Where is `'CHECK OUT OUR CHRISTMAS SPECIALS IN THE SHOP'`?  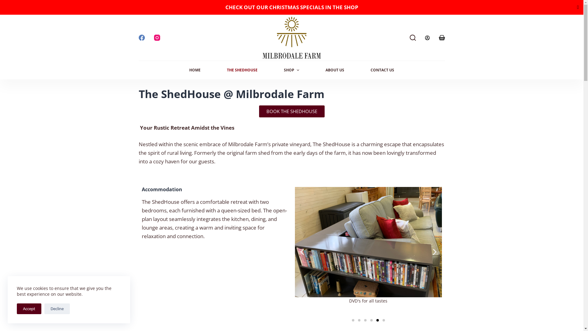
'CHECK OUT OUR CHRISTMAS SPECIALS IN THE SHOP' is located at coordinates (292, 7).